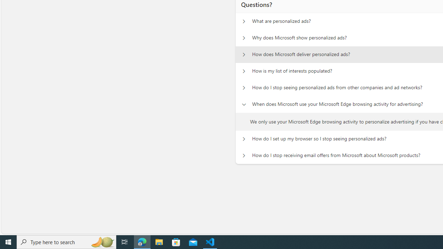 The width and height of the screenshot is (443, 249). Describe the element at coordinates (244, 21) in the screenshot. I see `'Questions? What are personalized ads?'` at that location.